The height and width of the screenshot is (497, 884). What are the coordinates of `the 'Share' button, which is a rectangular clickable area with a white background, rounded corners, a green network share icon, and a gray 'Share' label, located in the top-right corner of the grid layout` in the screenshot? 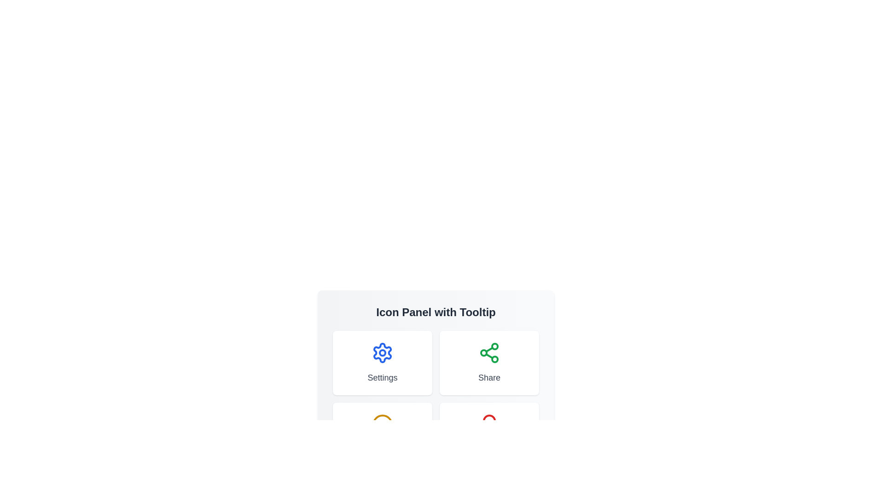 It's located at (489, 363).